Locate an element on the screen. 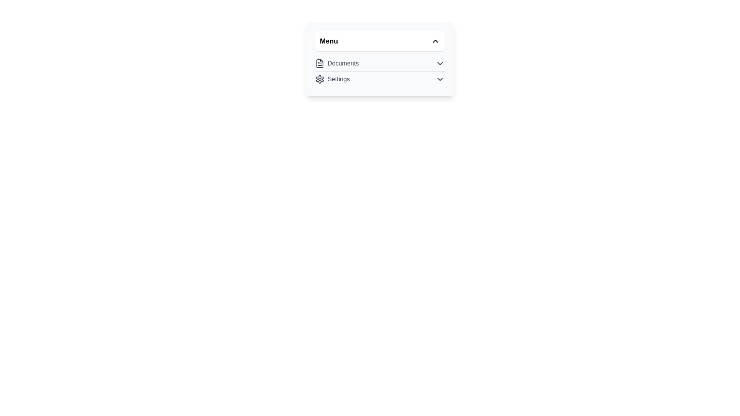 The width and height of the screenshot is (740, 416). the chevron icon located to the far right of the 'Settings' label is located at coordinates (440, 79).